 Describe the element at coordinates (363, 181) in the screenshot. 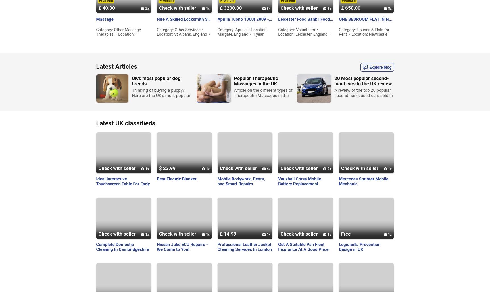

I see `'Mercedes Sprinter Mobile Mechanic'` at that location.